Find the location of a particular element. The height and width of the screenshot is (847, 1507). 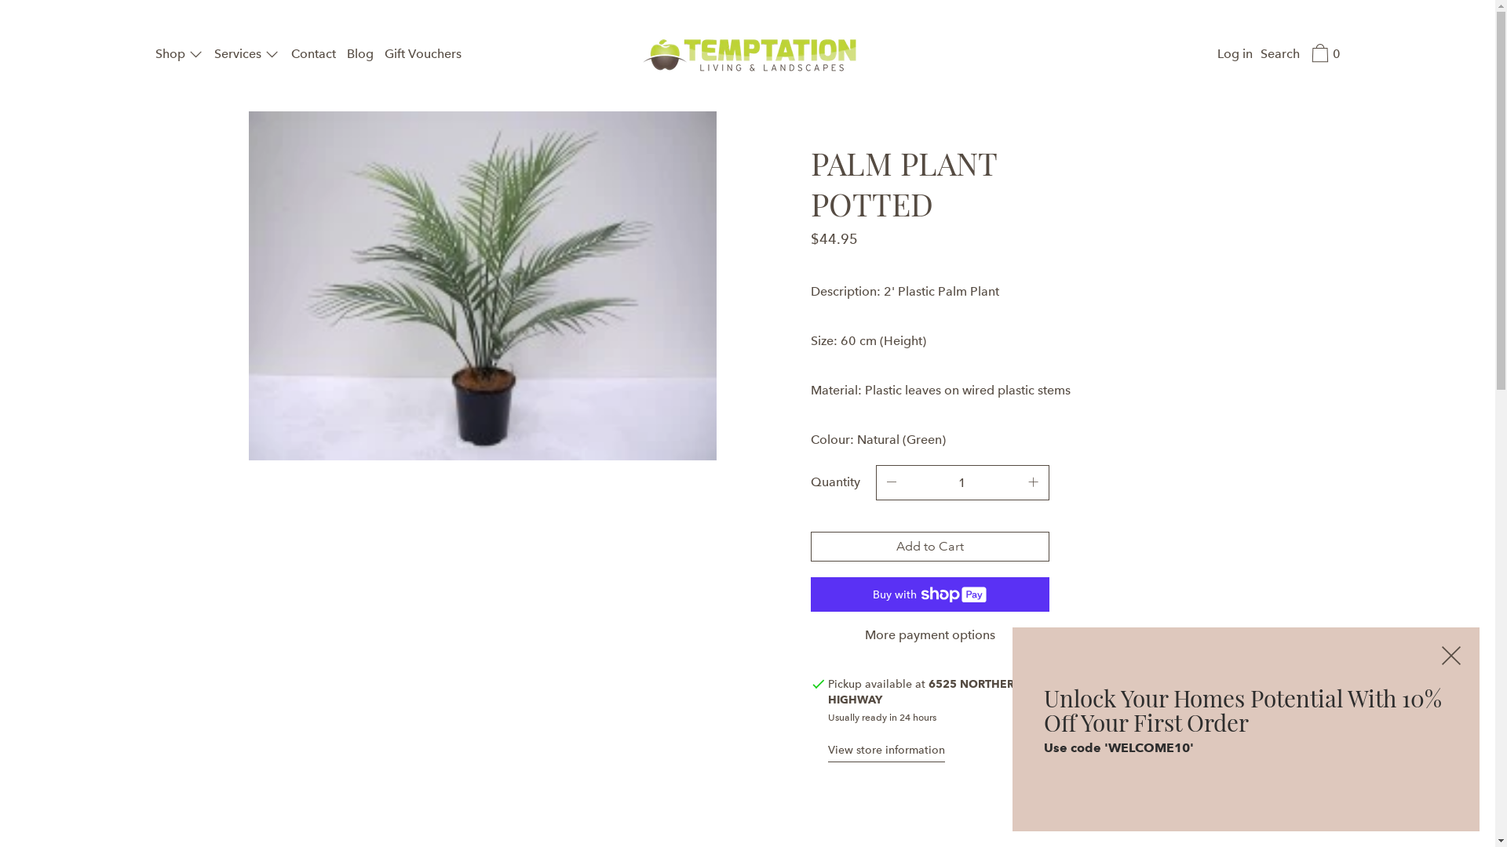

'Add to Cart' is located at coordinates (929, 546).